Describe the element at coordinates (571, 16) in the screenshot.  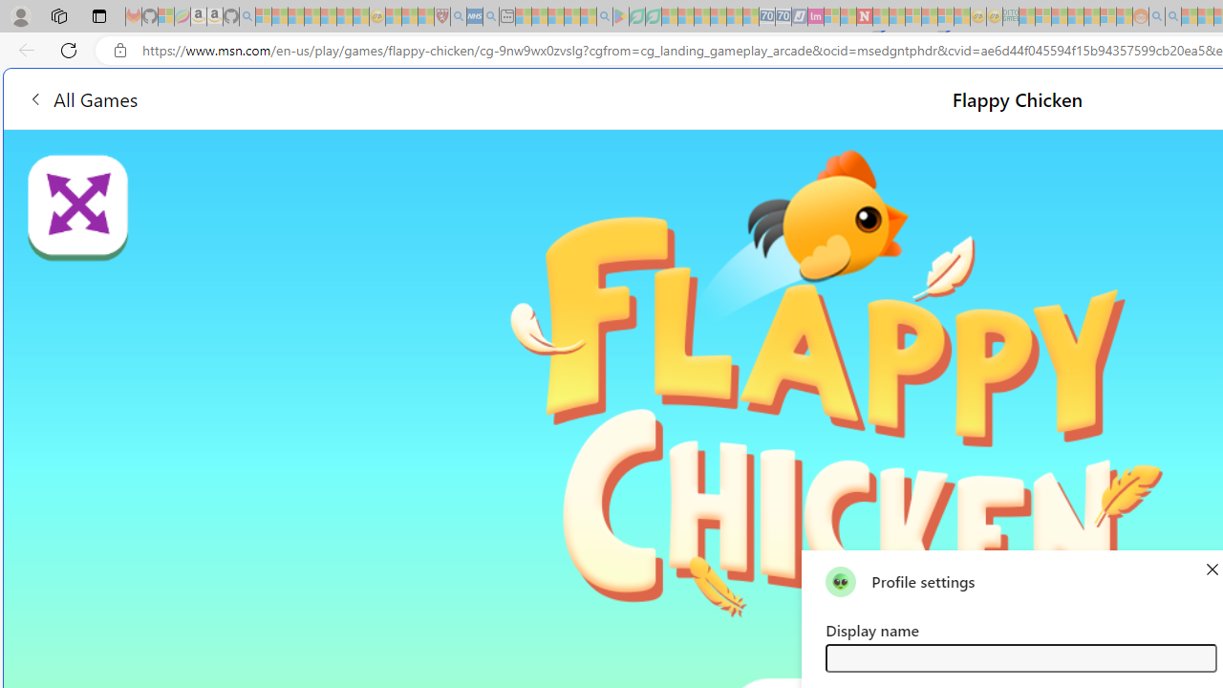
I see `'Pets - MSN - Sleeping'` at that location.